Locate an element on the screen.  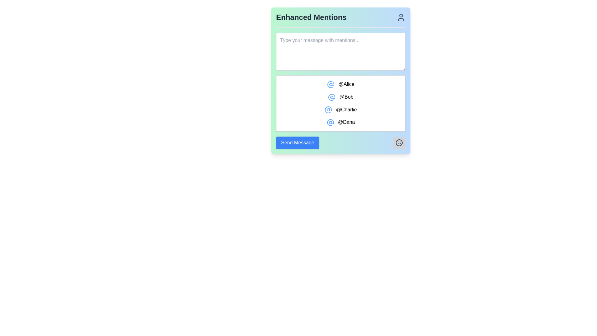
the selectable list item containing the username '@Bob' is located at coordinates (340, 97).